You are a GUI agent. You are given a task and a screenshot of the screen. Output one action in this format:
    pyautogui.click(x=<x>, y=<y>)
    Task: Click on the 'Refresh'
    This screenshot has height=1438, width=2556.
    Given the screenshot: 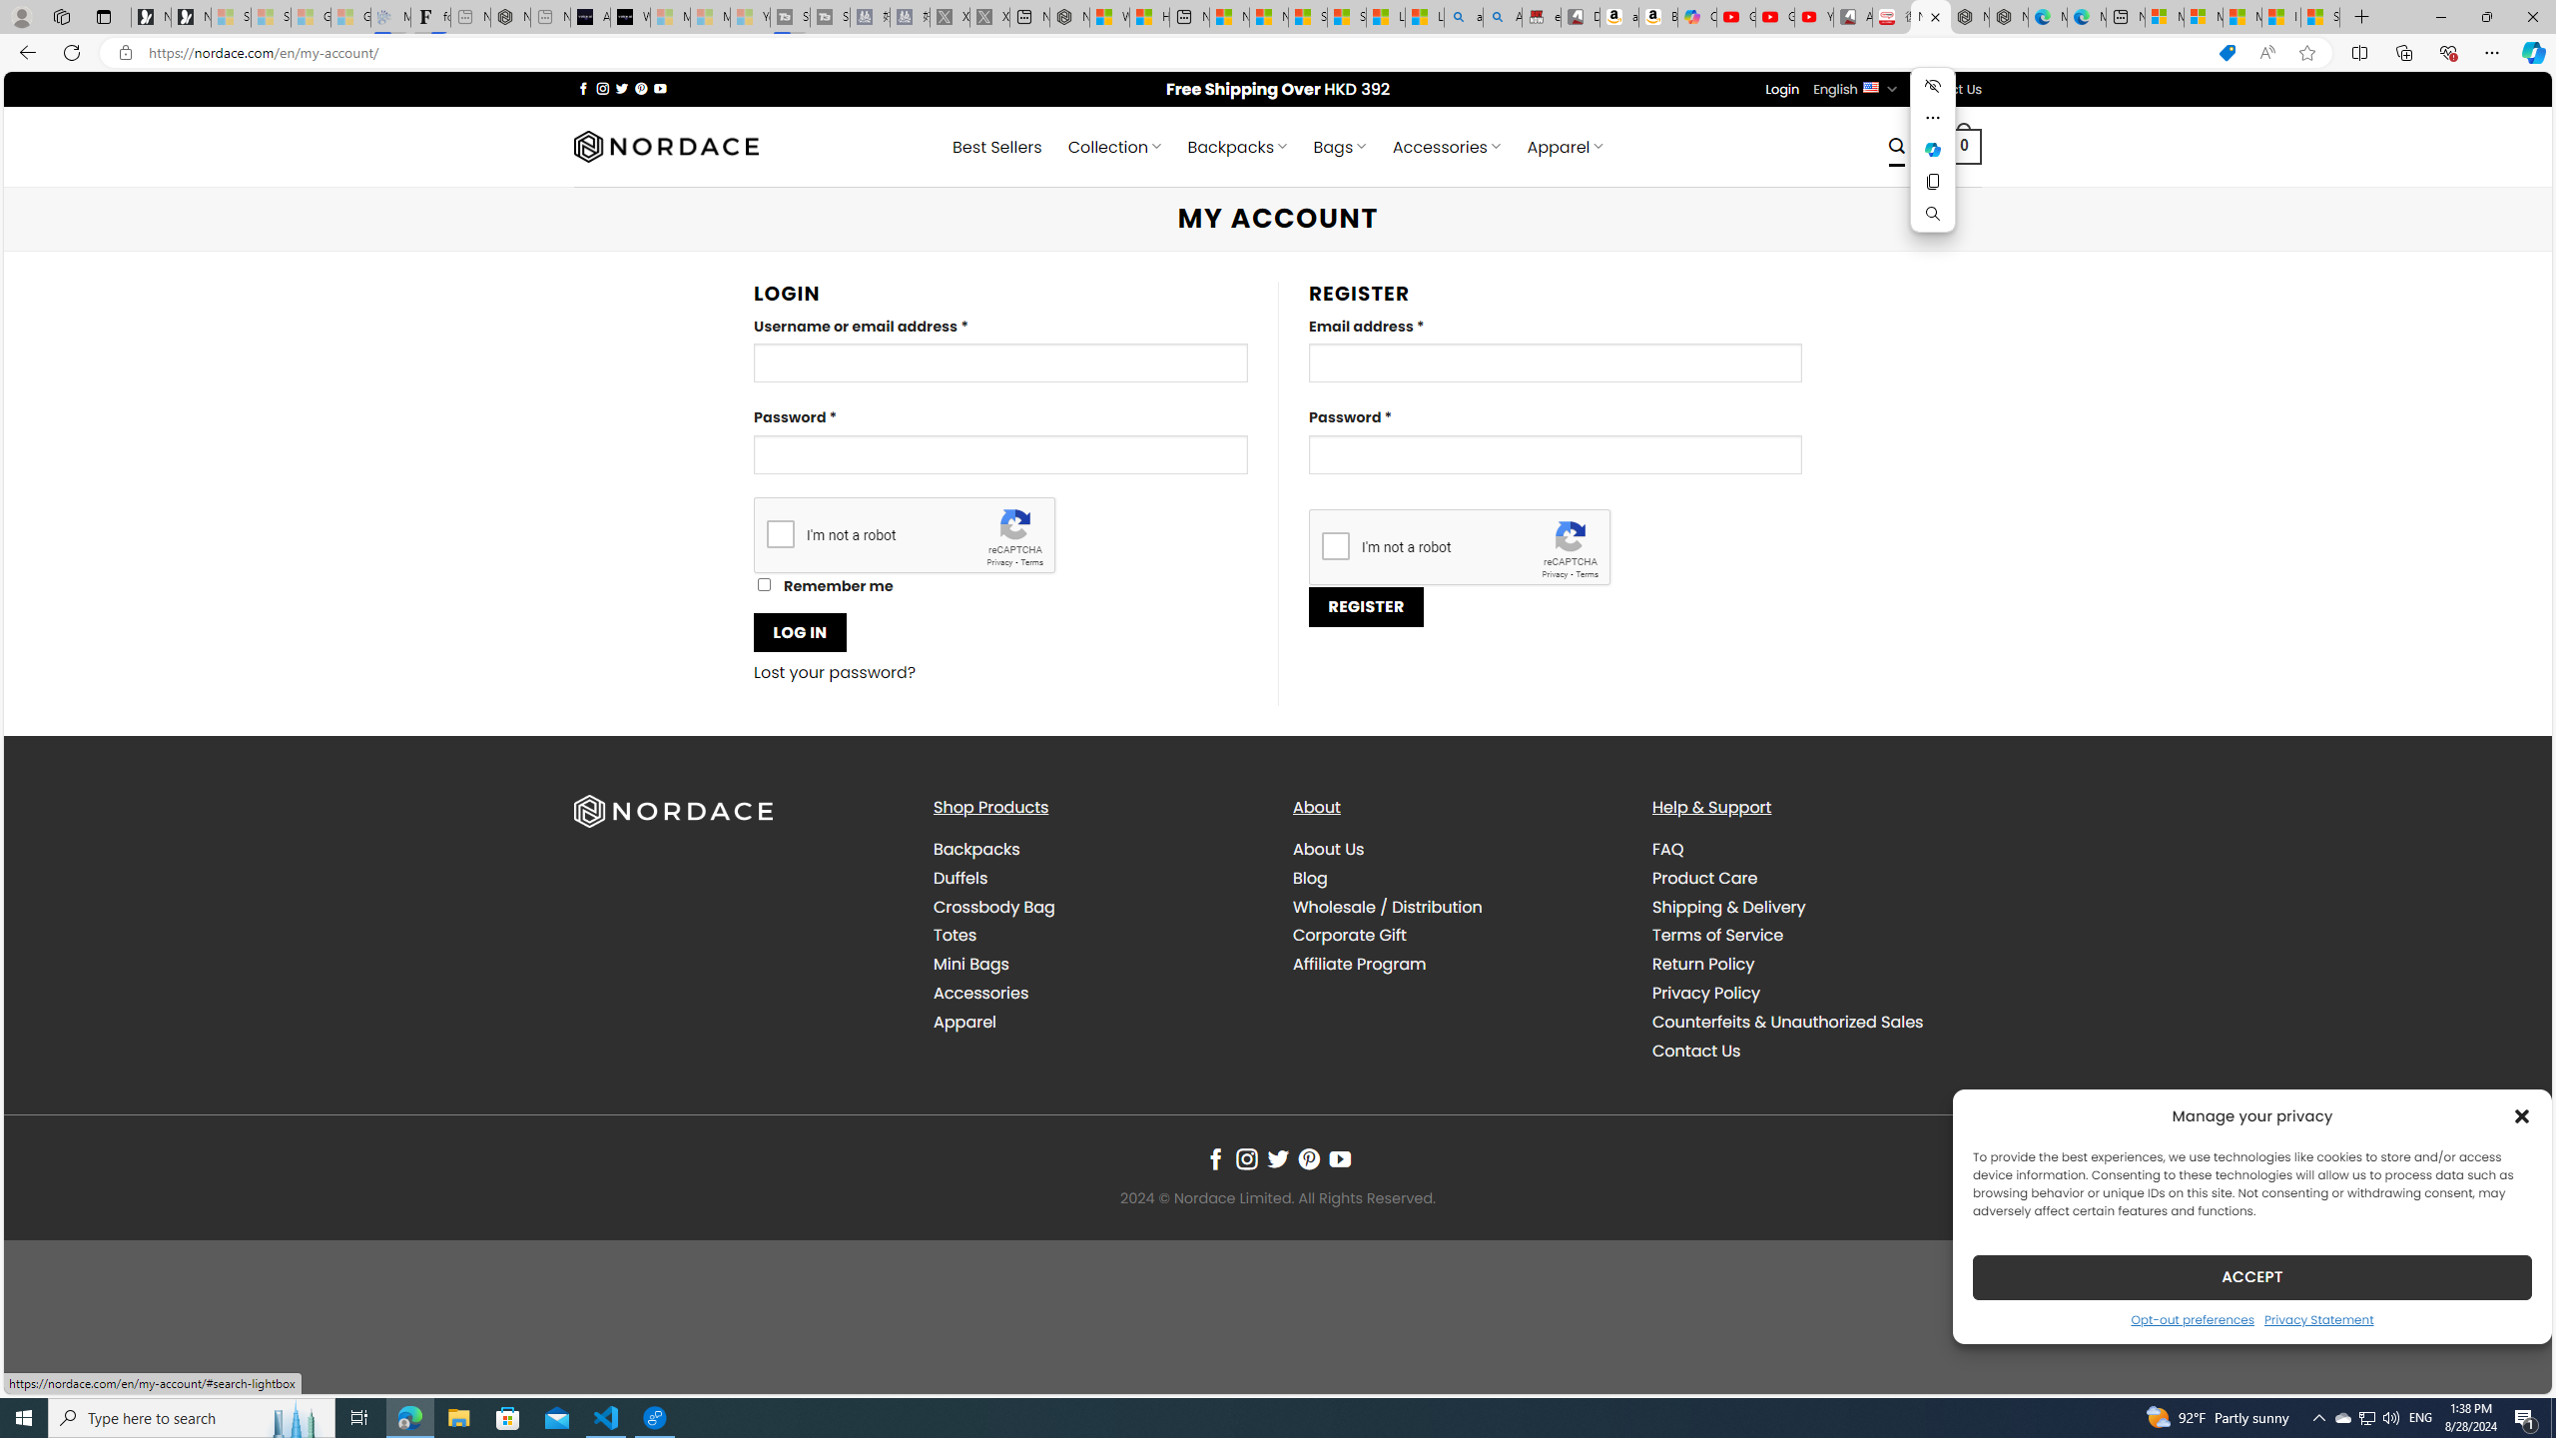 What is the action you would take?
    pyautogui.click(x=70, y=51)
    